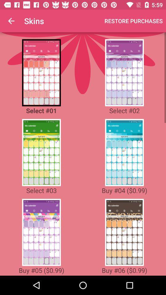 The width and height of the screenshot is (166, 295). What do you see at coordinates (41, 73) in the screenshot?
I see `choose that one` at bounding box center [41, 73].